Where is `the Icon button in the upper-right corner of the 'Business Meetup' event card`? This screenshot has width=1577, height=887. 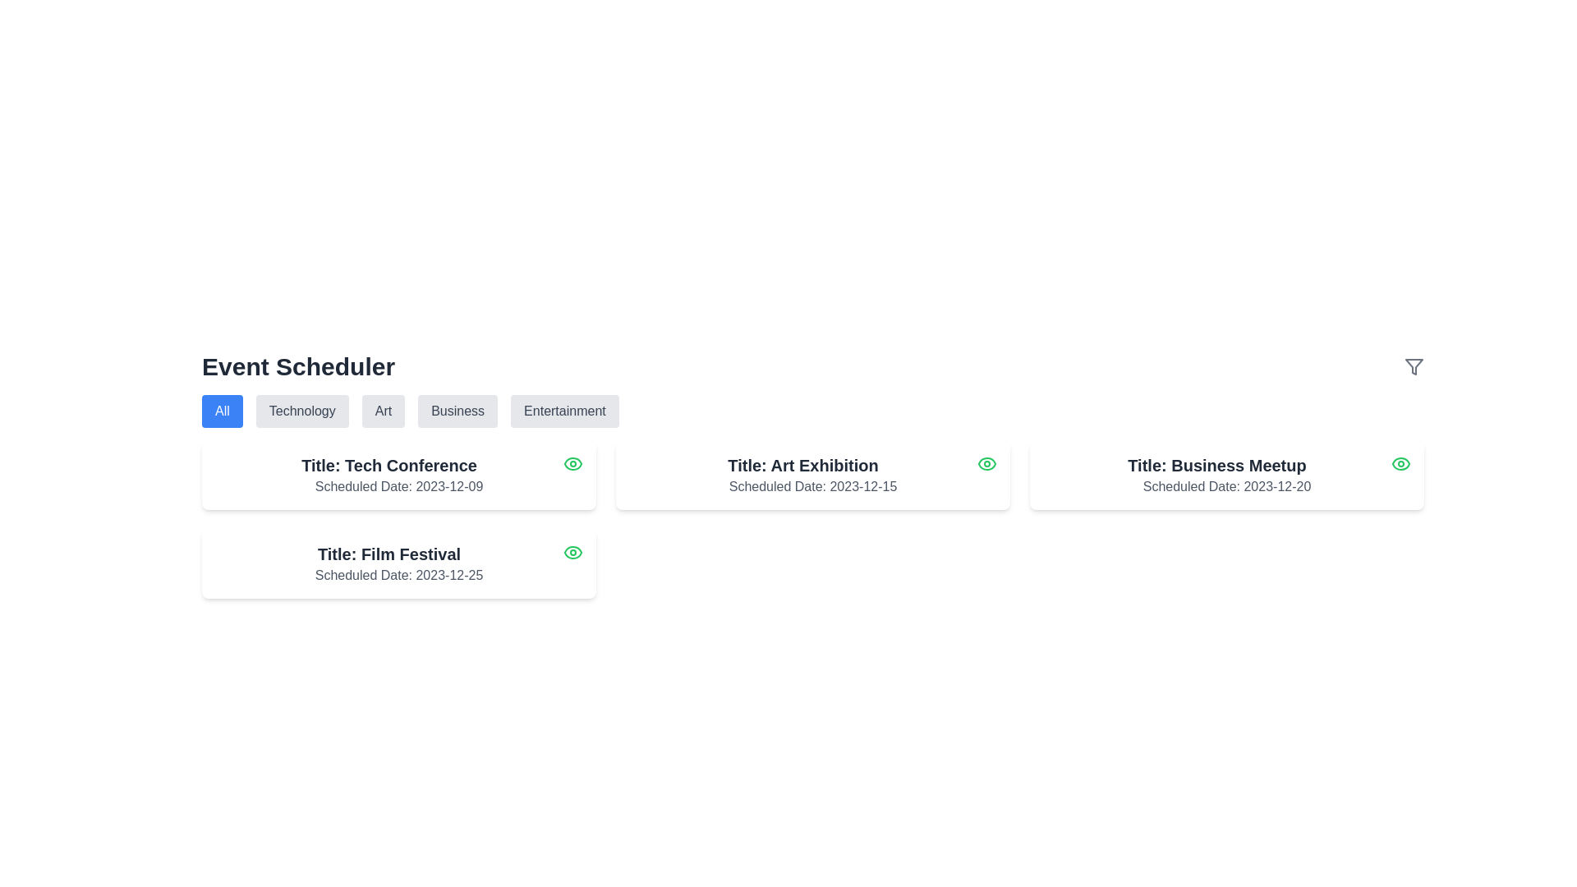
the Icon button in the upper-right corner of the 'Business Meetup' event card is located at coordinates (1400, 463).